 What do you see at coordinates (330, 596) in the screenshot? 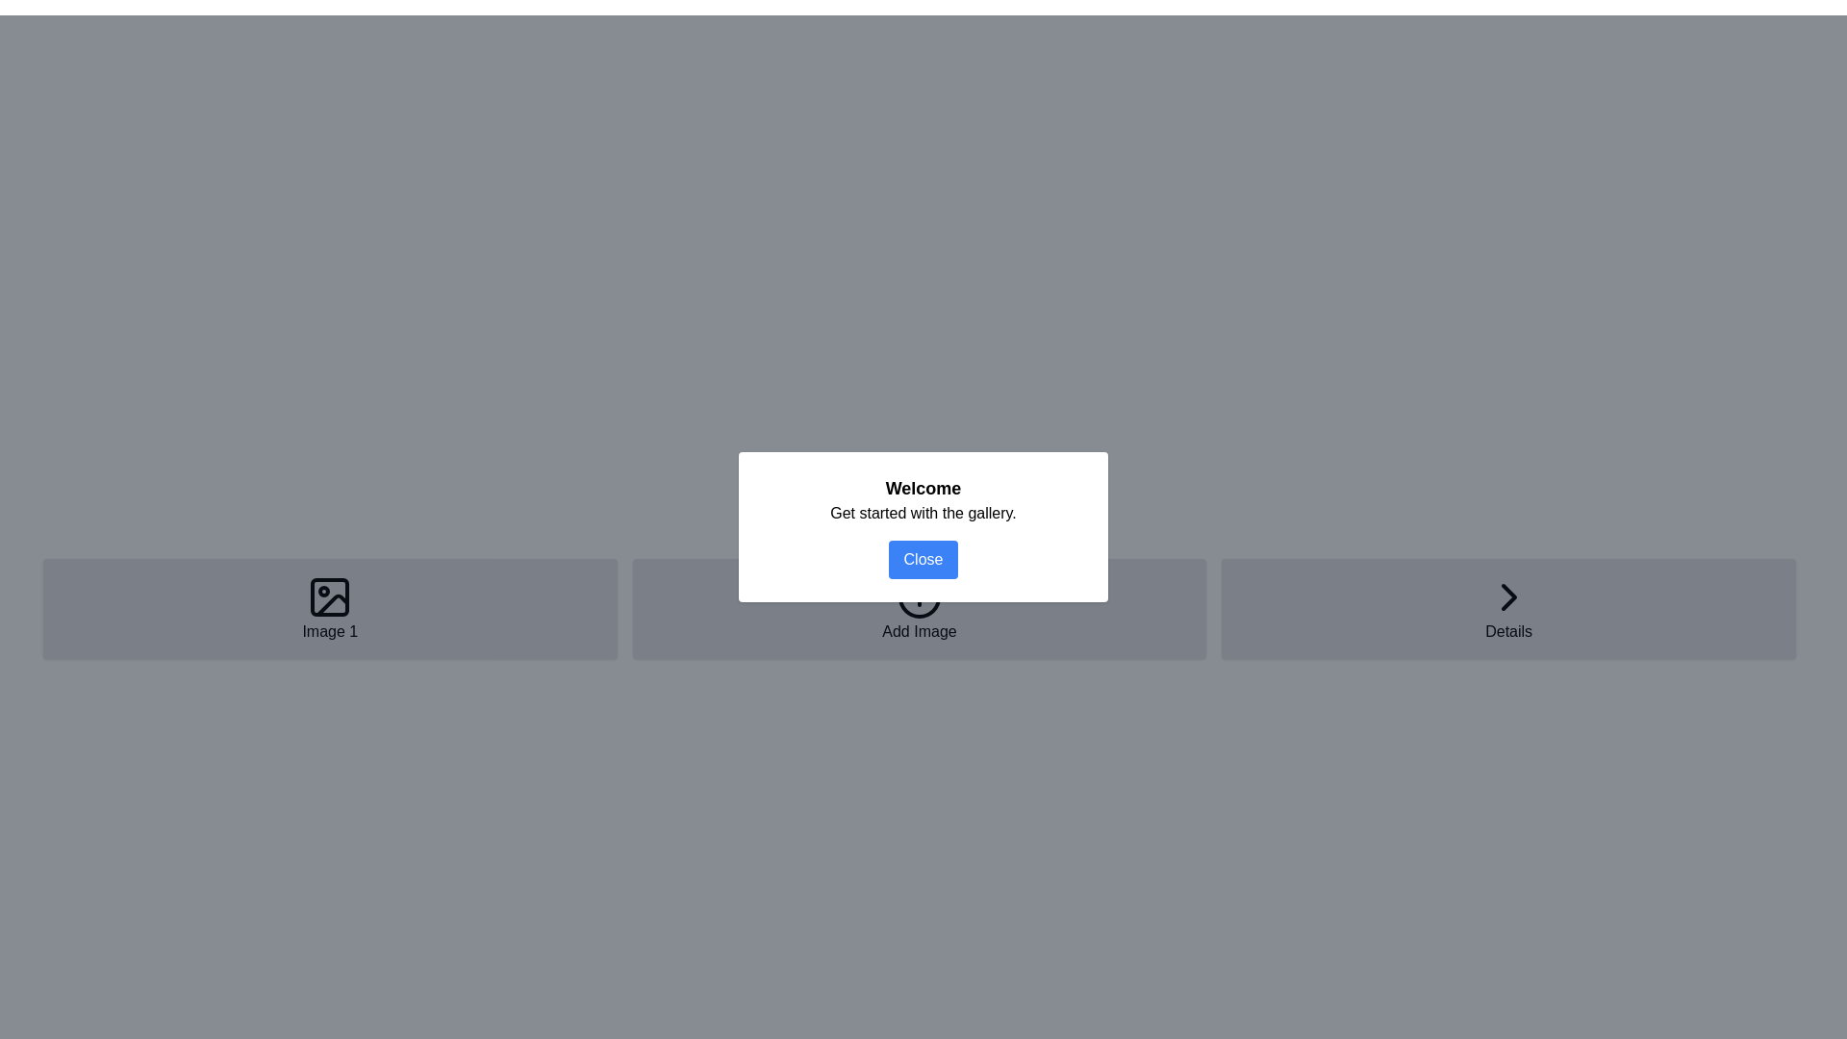
I see `the icon representing an image placeholder, which is located in the center rectangle above the text labeled 'Image 1'` at bounding box center [330, 596].